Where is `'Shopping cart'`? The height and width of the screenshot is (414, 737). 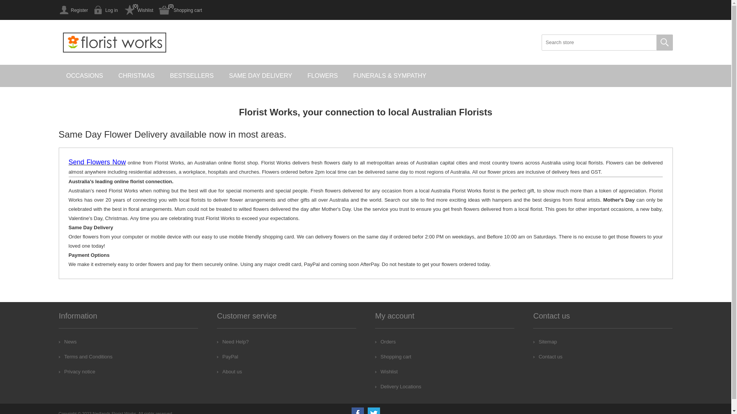
'Shopping cart' is located at coordinates (393, 356).